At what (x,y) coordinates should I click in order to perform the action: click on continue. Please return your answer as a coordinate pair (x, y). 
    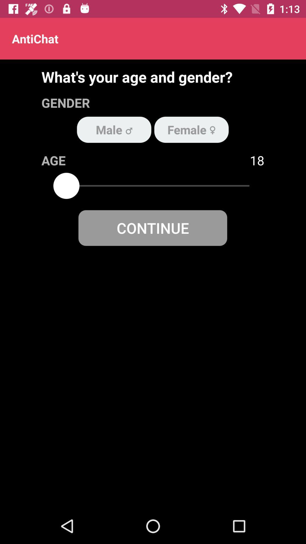
    Looking at the image, I should click on (152, 228).